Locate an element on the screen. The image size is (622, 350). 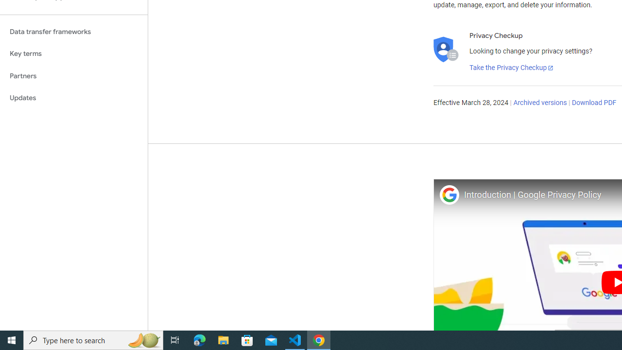
'Download PDF' is located at coordinates (593, 103).